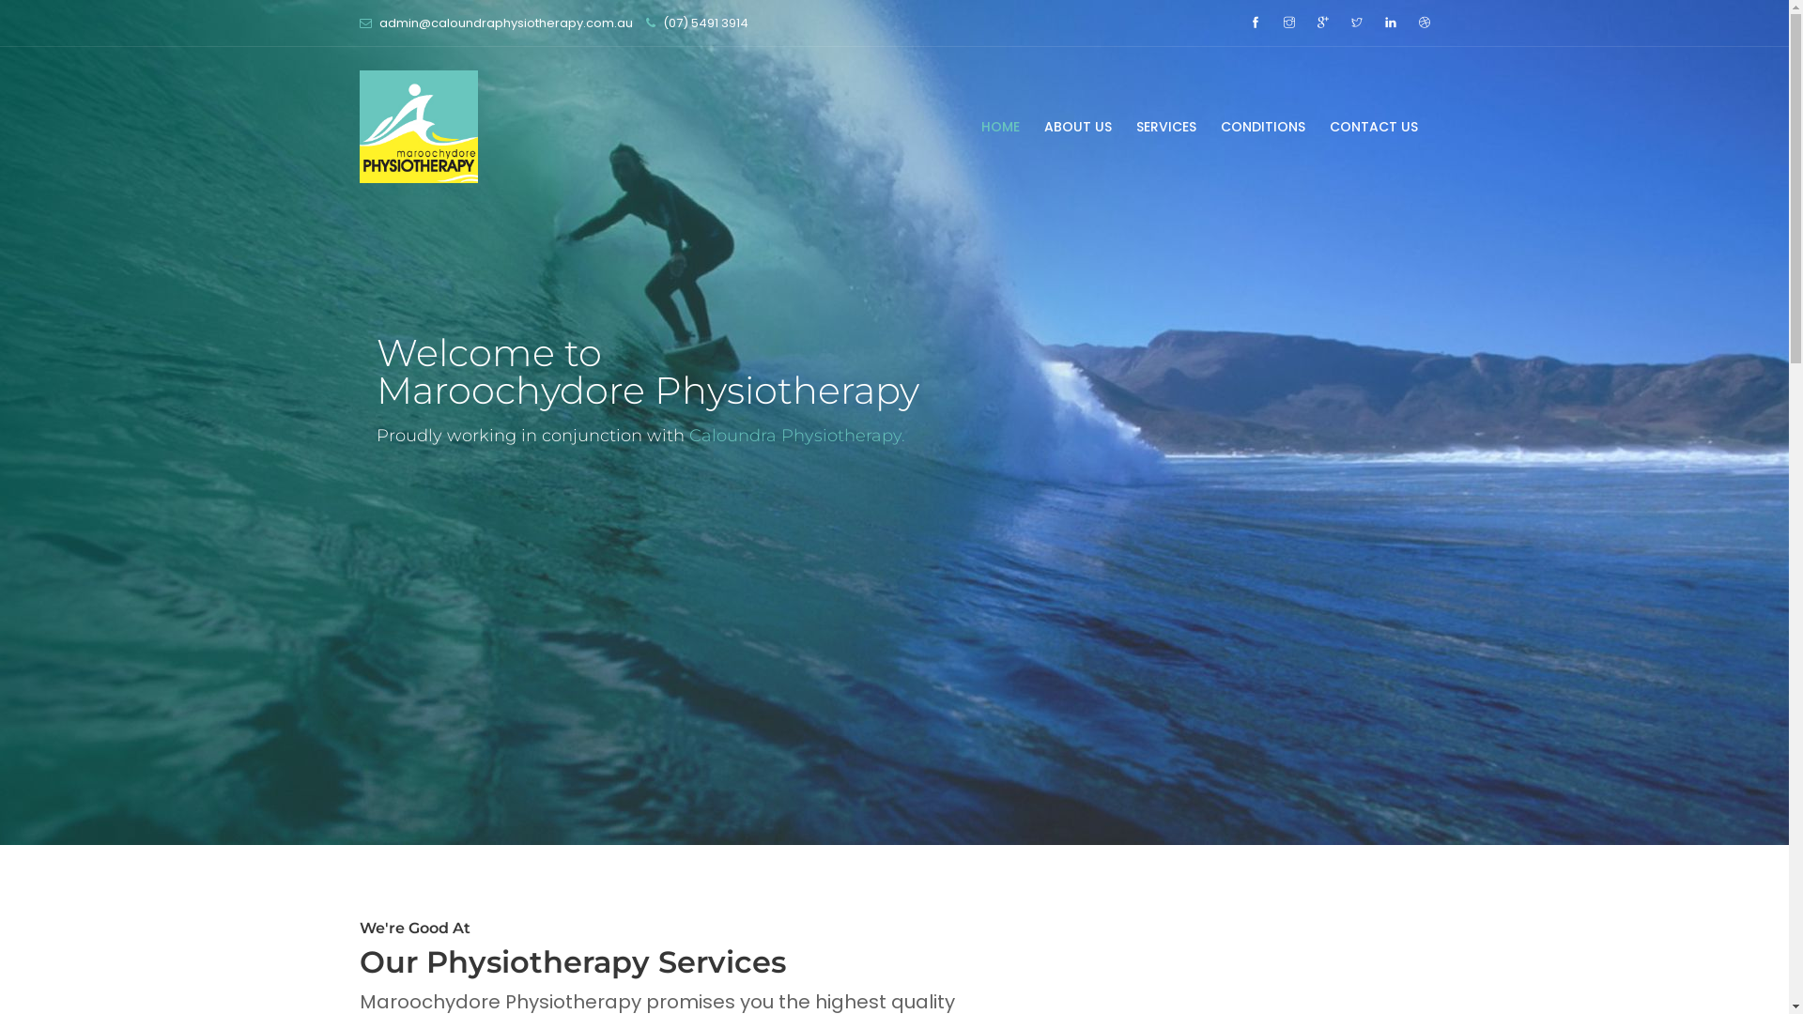 The width and height of the screenshot is (1803, 1014). I want to click on 'ABOUT US', so click(1077, 127).